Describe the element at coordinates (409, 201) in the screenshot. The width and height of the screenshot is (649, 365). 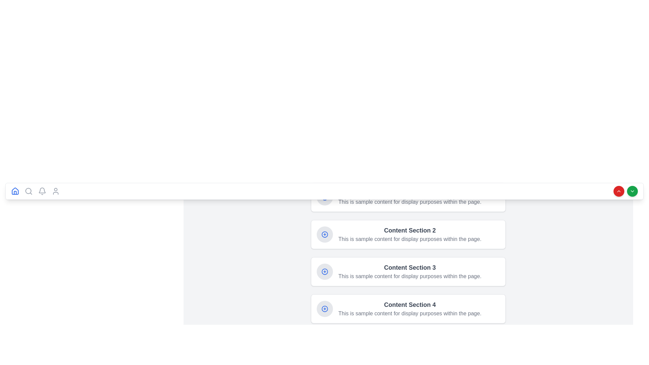
I see `the textual component displaying the text 'This is sample content for display purposes within the page.' located below the 'Content Section 1' heading` at that location.